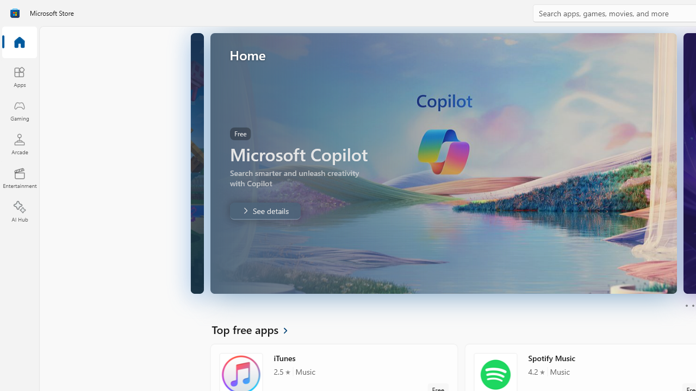 This screenshot has width=696, height=391. Describe the element at coordinates (256, 329) in the screenshot. I see `'See all  Top free apps'` at that location.